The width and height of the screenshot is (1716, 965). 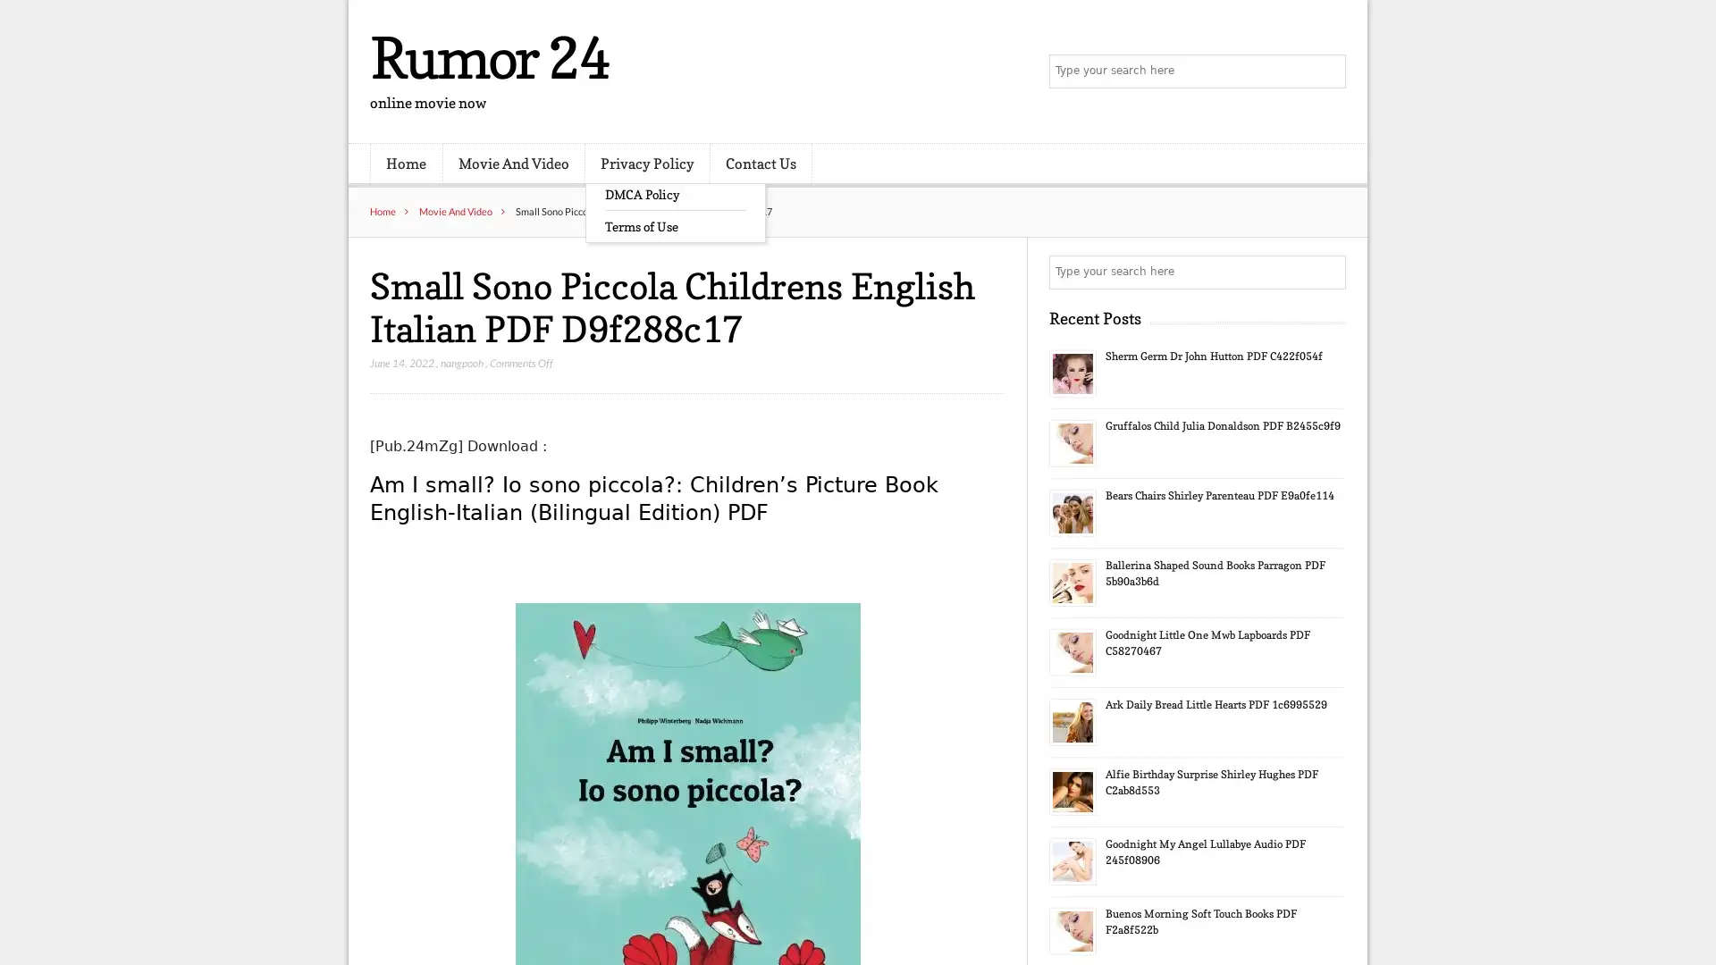 What do you see at coordinates (1327, 272) in the screenshot?
I see `Search` at bounding box center [1327, 272].